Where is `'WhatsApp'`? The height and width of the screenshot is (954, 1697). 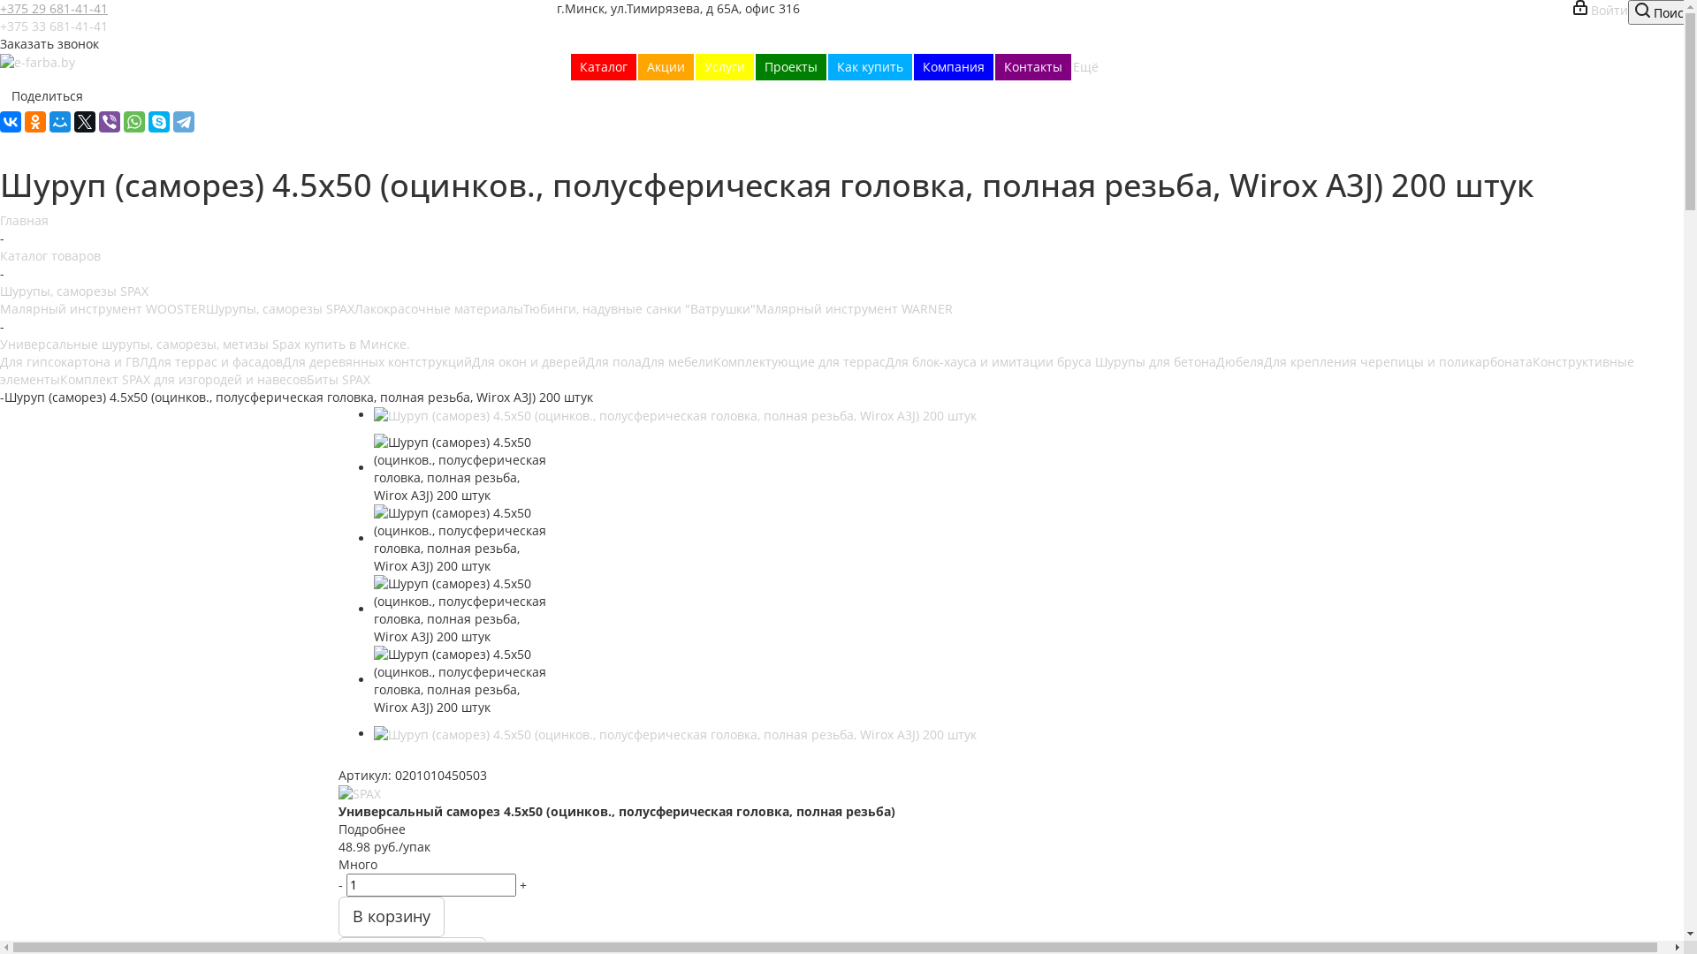
'WhatsApp' is located at coordinates (133, 121).